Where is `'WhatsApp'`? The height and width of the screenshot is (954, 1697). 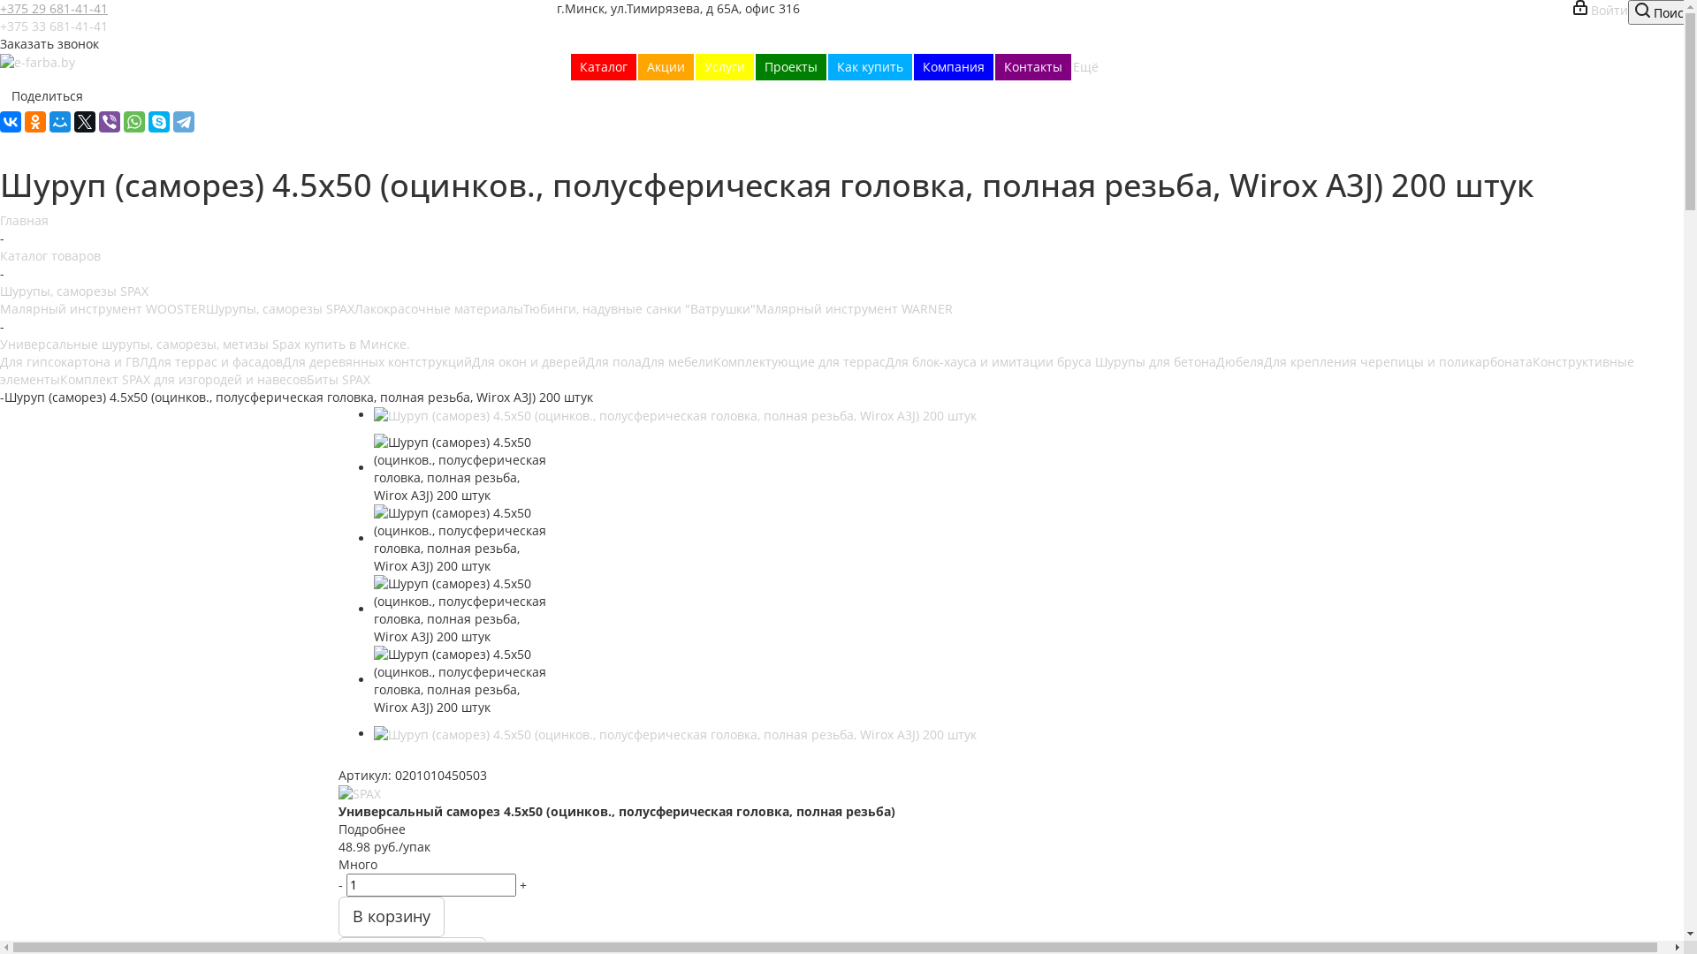
'WhatsApp' is located at coordinates (133, 121).